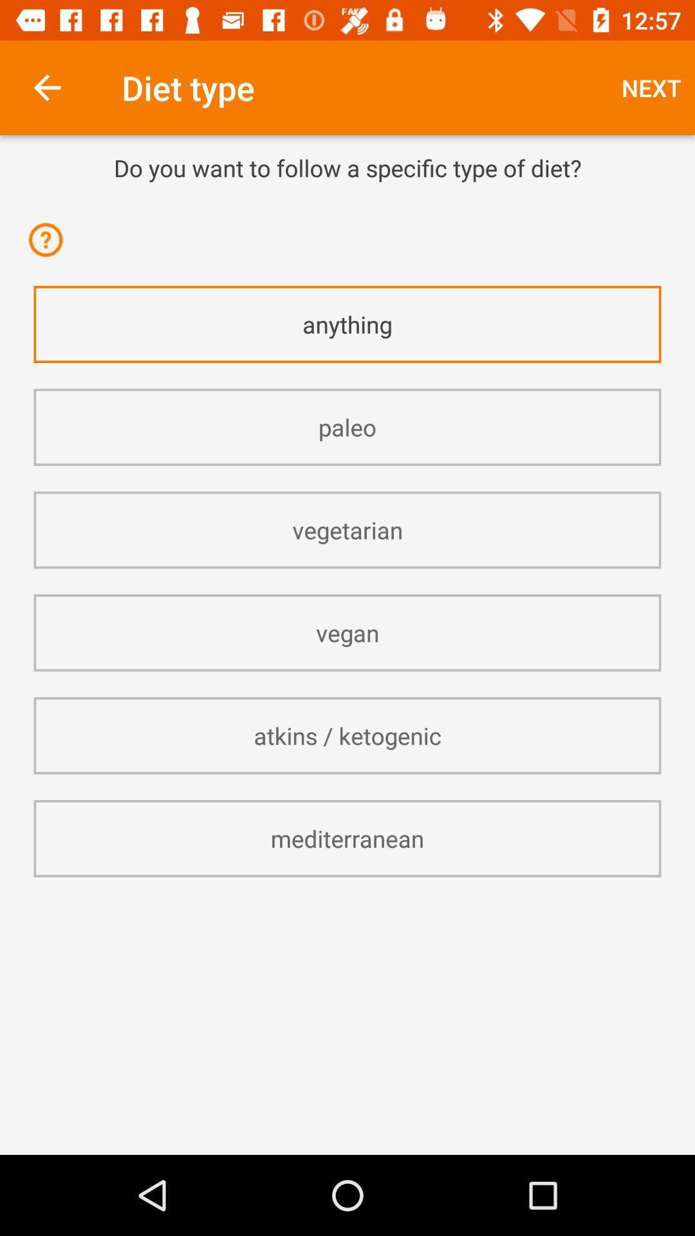 This screenshot has width=695, height=1236. What do you see at coordinates (347, 911) in the screenshot?
I see `icon below the mediterranean` at bounding box center [347, 911].